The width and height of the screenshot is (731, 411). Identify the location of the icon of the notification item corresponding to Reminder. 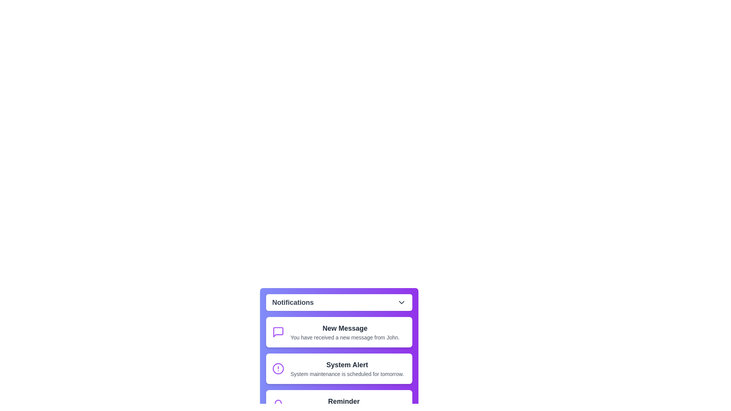
(278, 405).